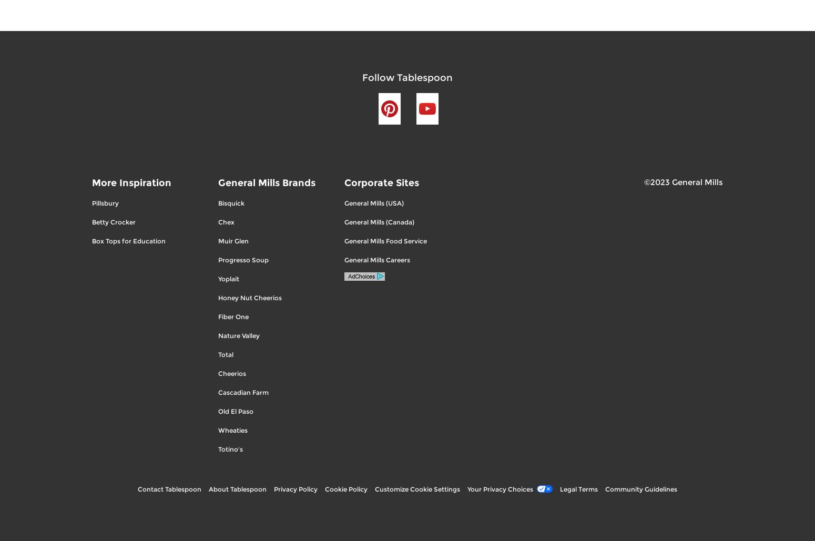  What do you see at coordinates (640, 488) in the screenshot?
I see `'Community Guidelines'` at bounding box center [640, 488].